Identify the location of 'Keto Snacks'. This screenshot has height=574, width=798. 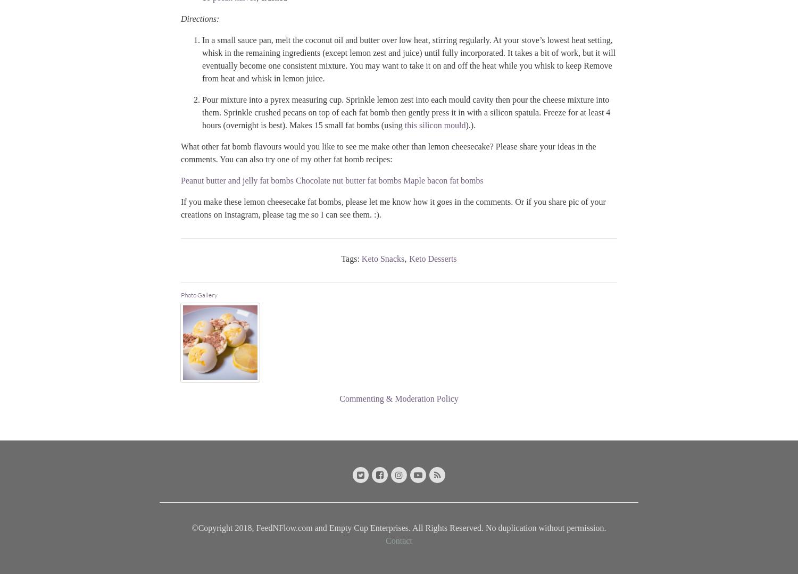
(382, 257).